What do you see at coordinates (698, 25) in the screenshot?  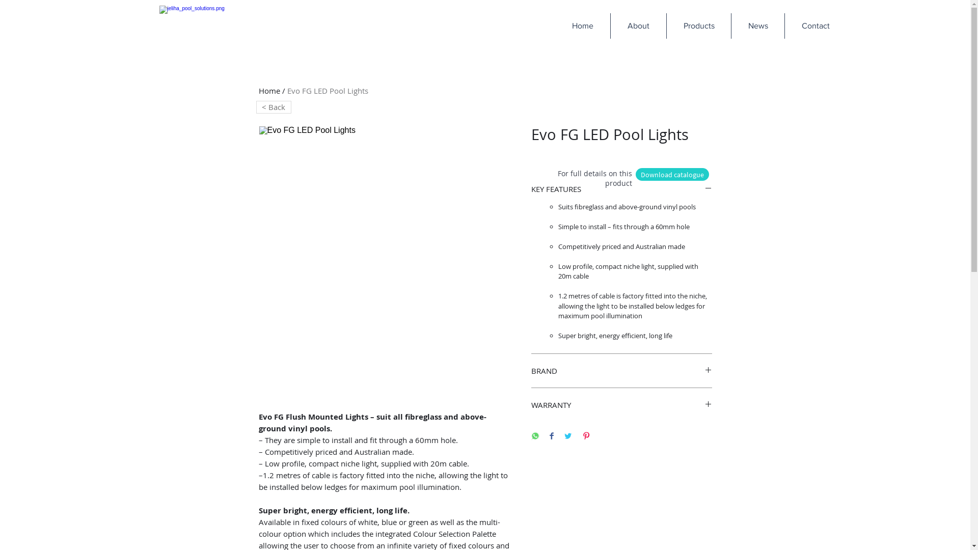 I see `'Products'` at bounding box center [698, 25].